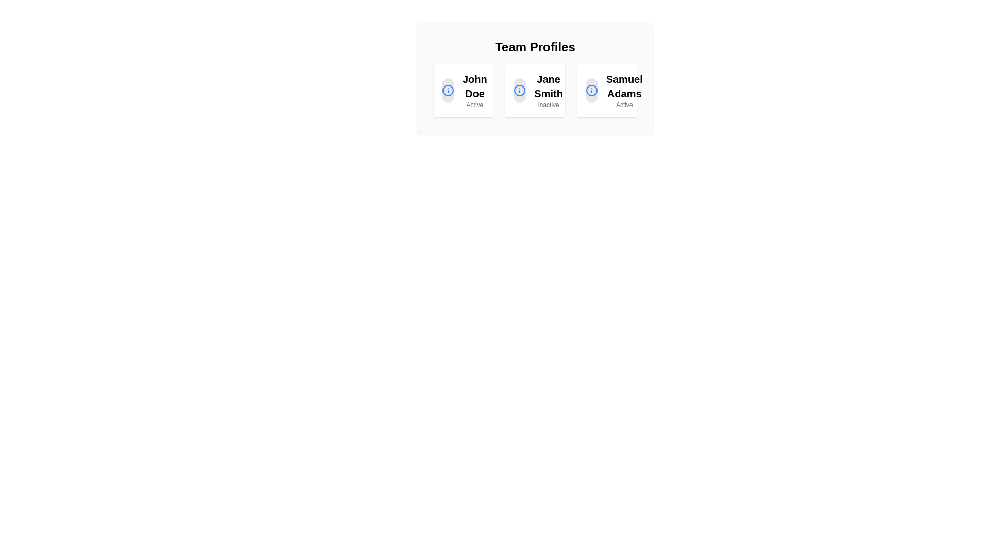 The width and height of the screenshot is (989, 556). What do you see at coordinates (624, 90) in the screenshot?
I see `the prominent name 'Samuel Adams' in the right-most user profile card` at bounding box center [624, 90].